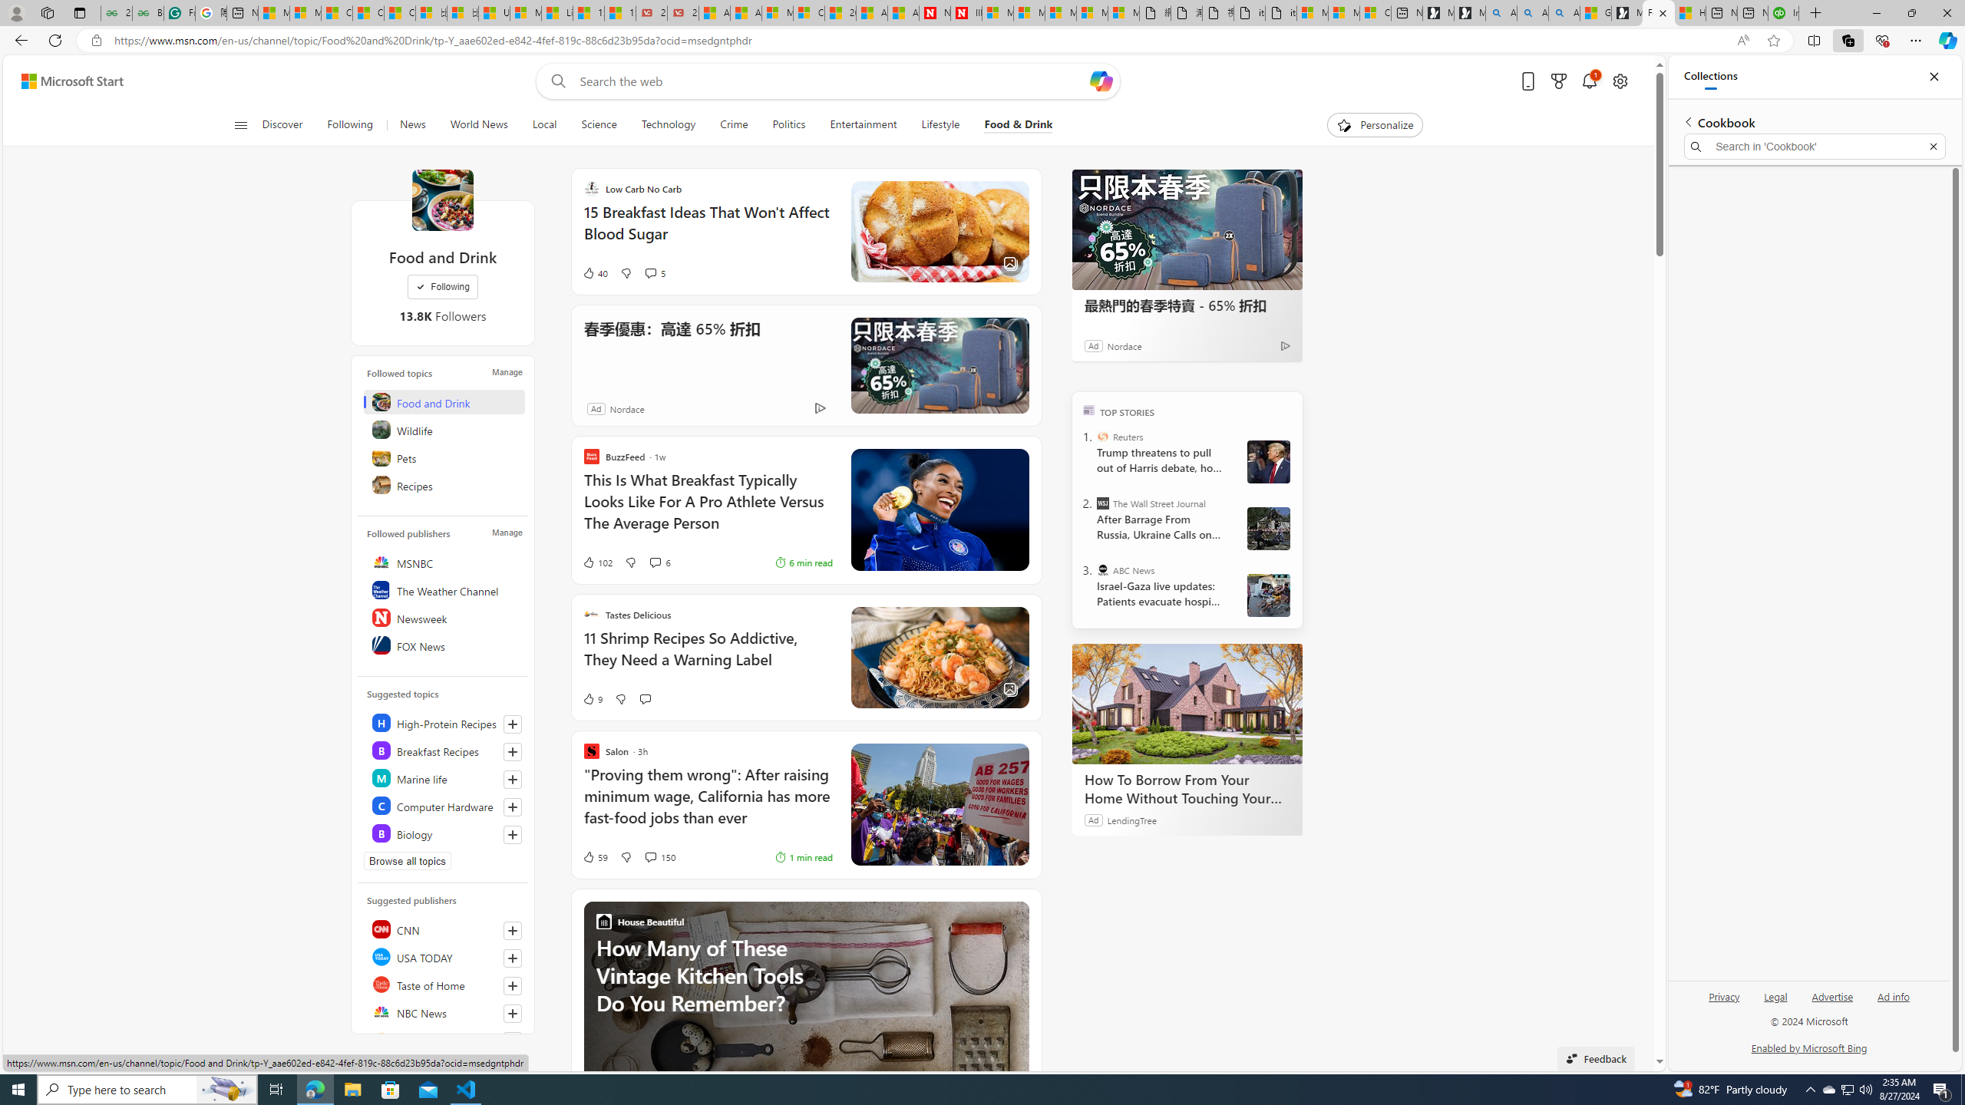 This screenshot has width=1965, height=1105. I want to click on '40 Like', so click(594, 273).